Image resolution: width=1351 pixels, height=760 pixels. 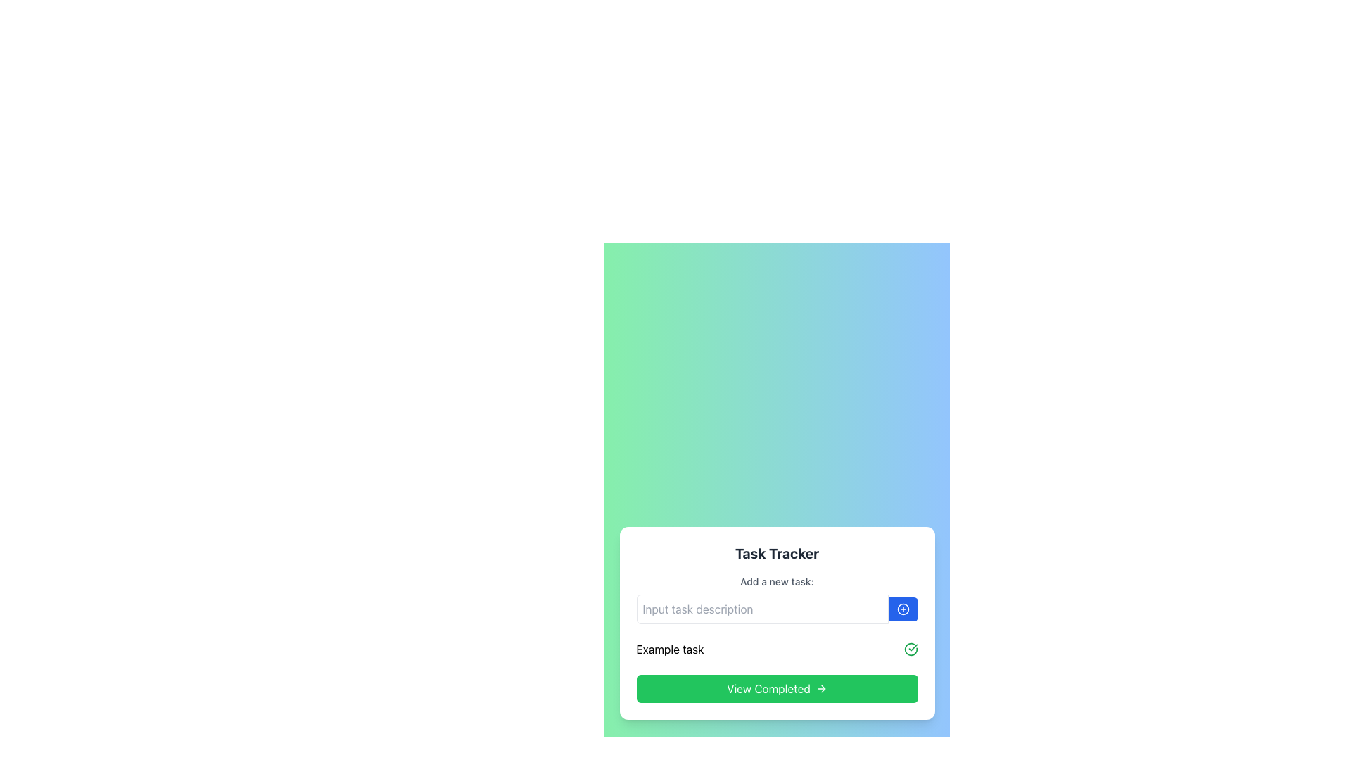 What do you see at coordinates (911, 649) in the screenshot?
I see `the circular green checkmark icon that is part of a task list, positioned to the right of the text item 'Example task'` at bounding box center [911, 649].